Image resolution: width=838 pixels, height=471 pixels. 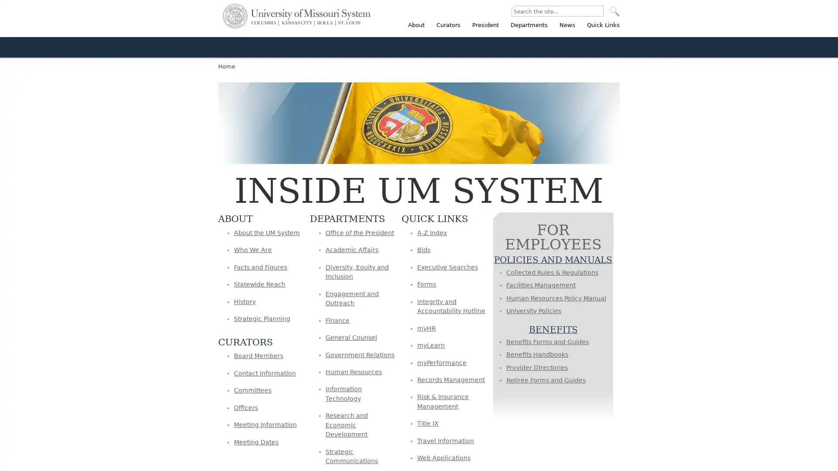 What do you see at coordinates (614, 11) in the screenshot?
I see `SEARCH` at bounding box center [614, 11].